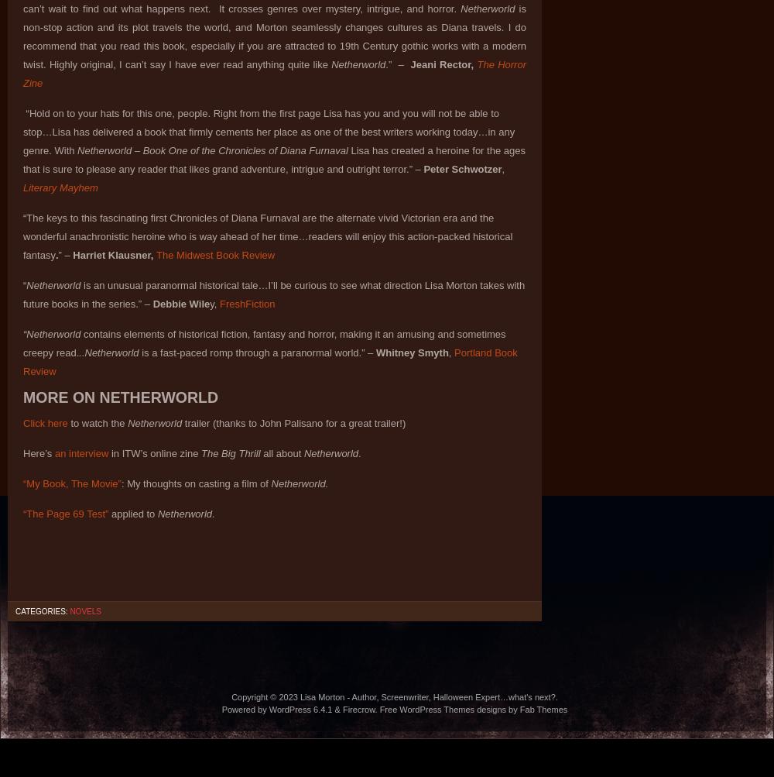 The height and width of the screenshot is (777, 774). Describe the element at coordinates (410, 352) in the screenshot. I see `'Whitney Smyth'` at that location.